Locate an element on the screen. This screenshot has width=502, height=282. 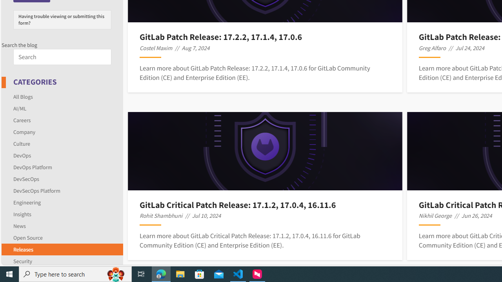
'DevSecOps Platform' is located at coordinates (62, 190).